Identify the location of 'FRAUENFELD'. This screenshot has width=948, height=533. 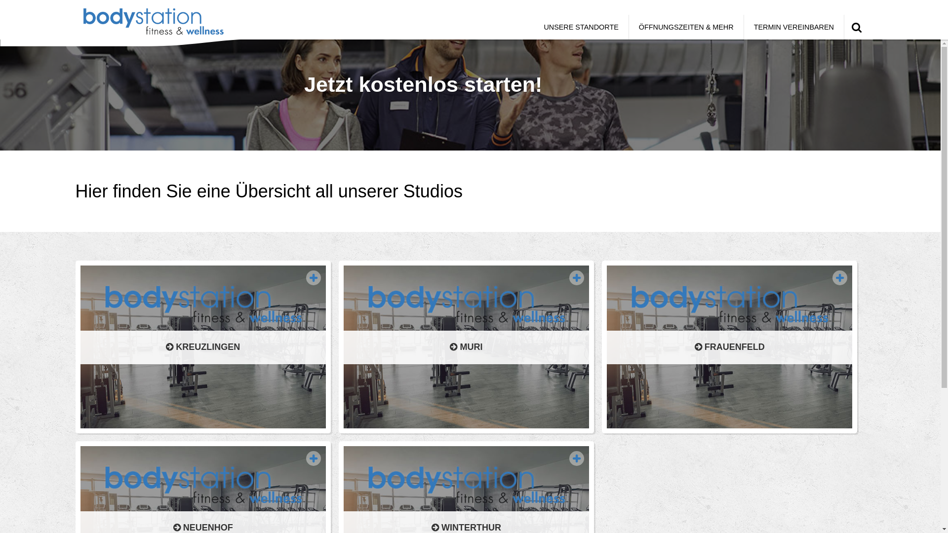
(729, 346).